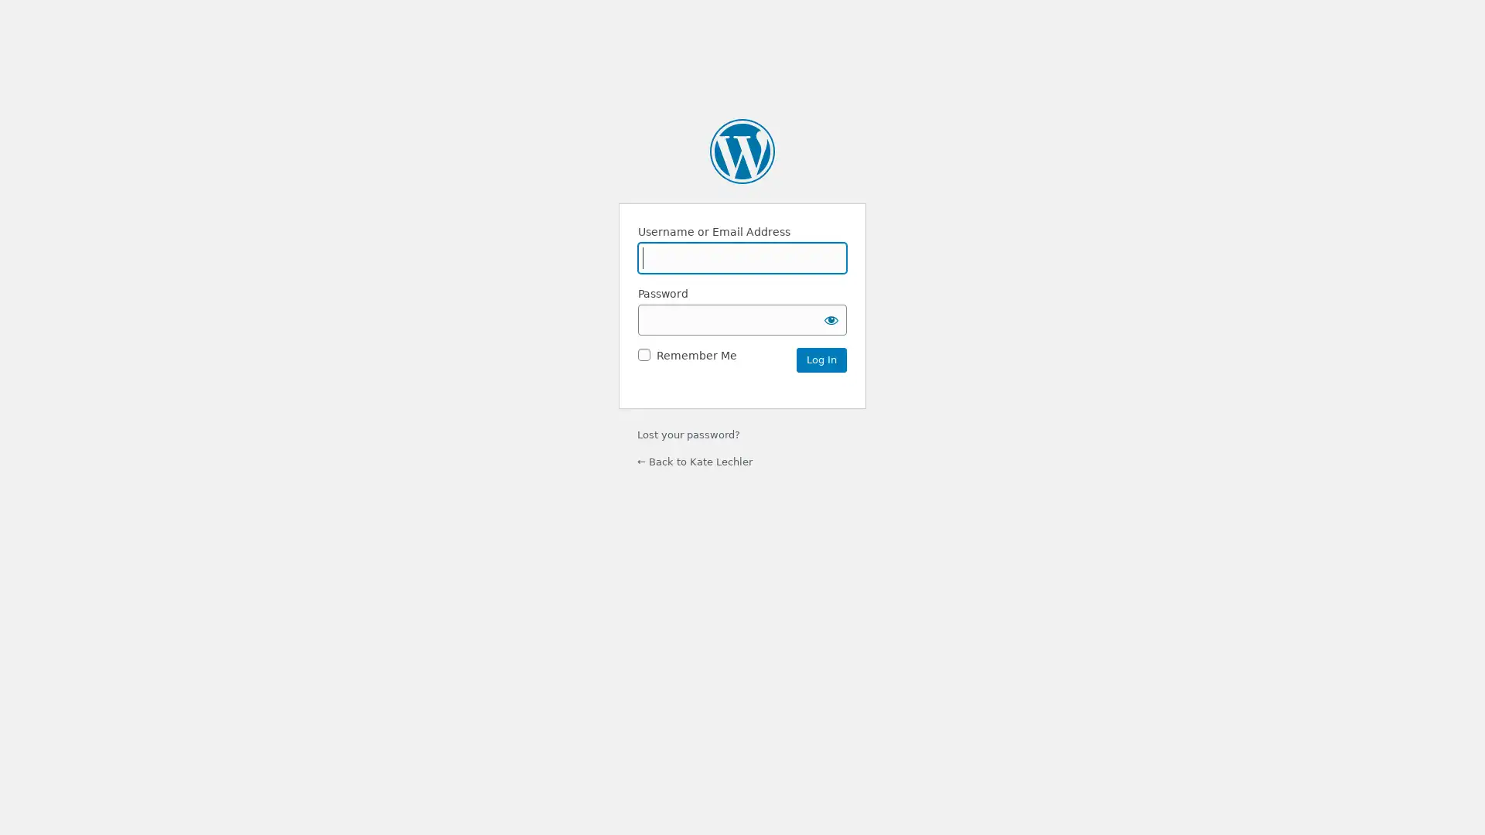 The image size is (1485, 835). I want to click on Log In, so click(821, 360).